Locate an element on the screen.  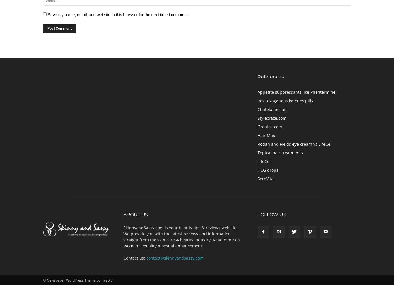
'SeroVital' is located at coordinates (266, 178).